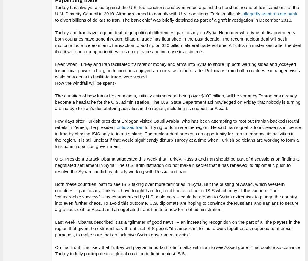  I want to click on 'The question of how Iran’s frozen assets, initially estimated at being over $100 billion, will be spent by Tehran has already become a headache for the U.S. administration. The U.S. State Department acknowledged on Friday that nobody is turning a blind eye to Iran’s destabilizing activities in the region, including its support for Assad.', so click(178, 102).